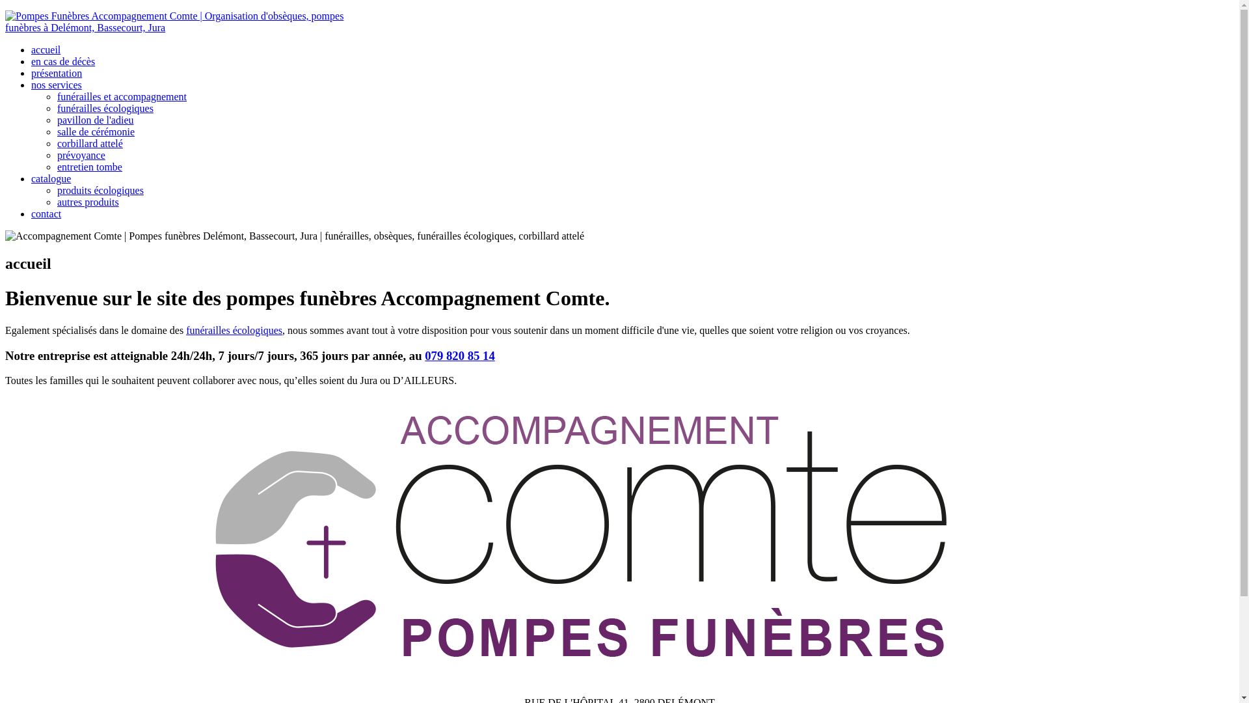 This screenshot has width=1249, height=703. I want to click on '079 820 85 14', so click(459, 355).